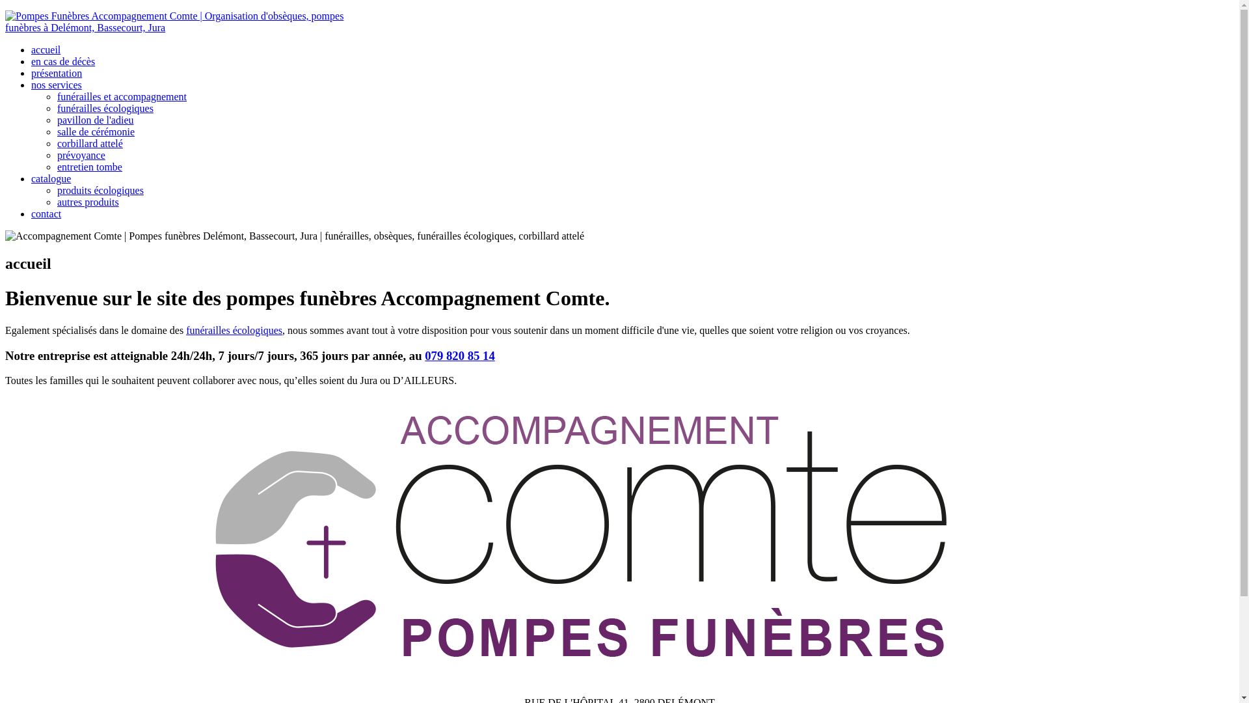 This screenshot has width=1249, height=703. I want to click on '079 820 85 14', so click(459, 355).